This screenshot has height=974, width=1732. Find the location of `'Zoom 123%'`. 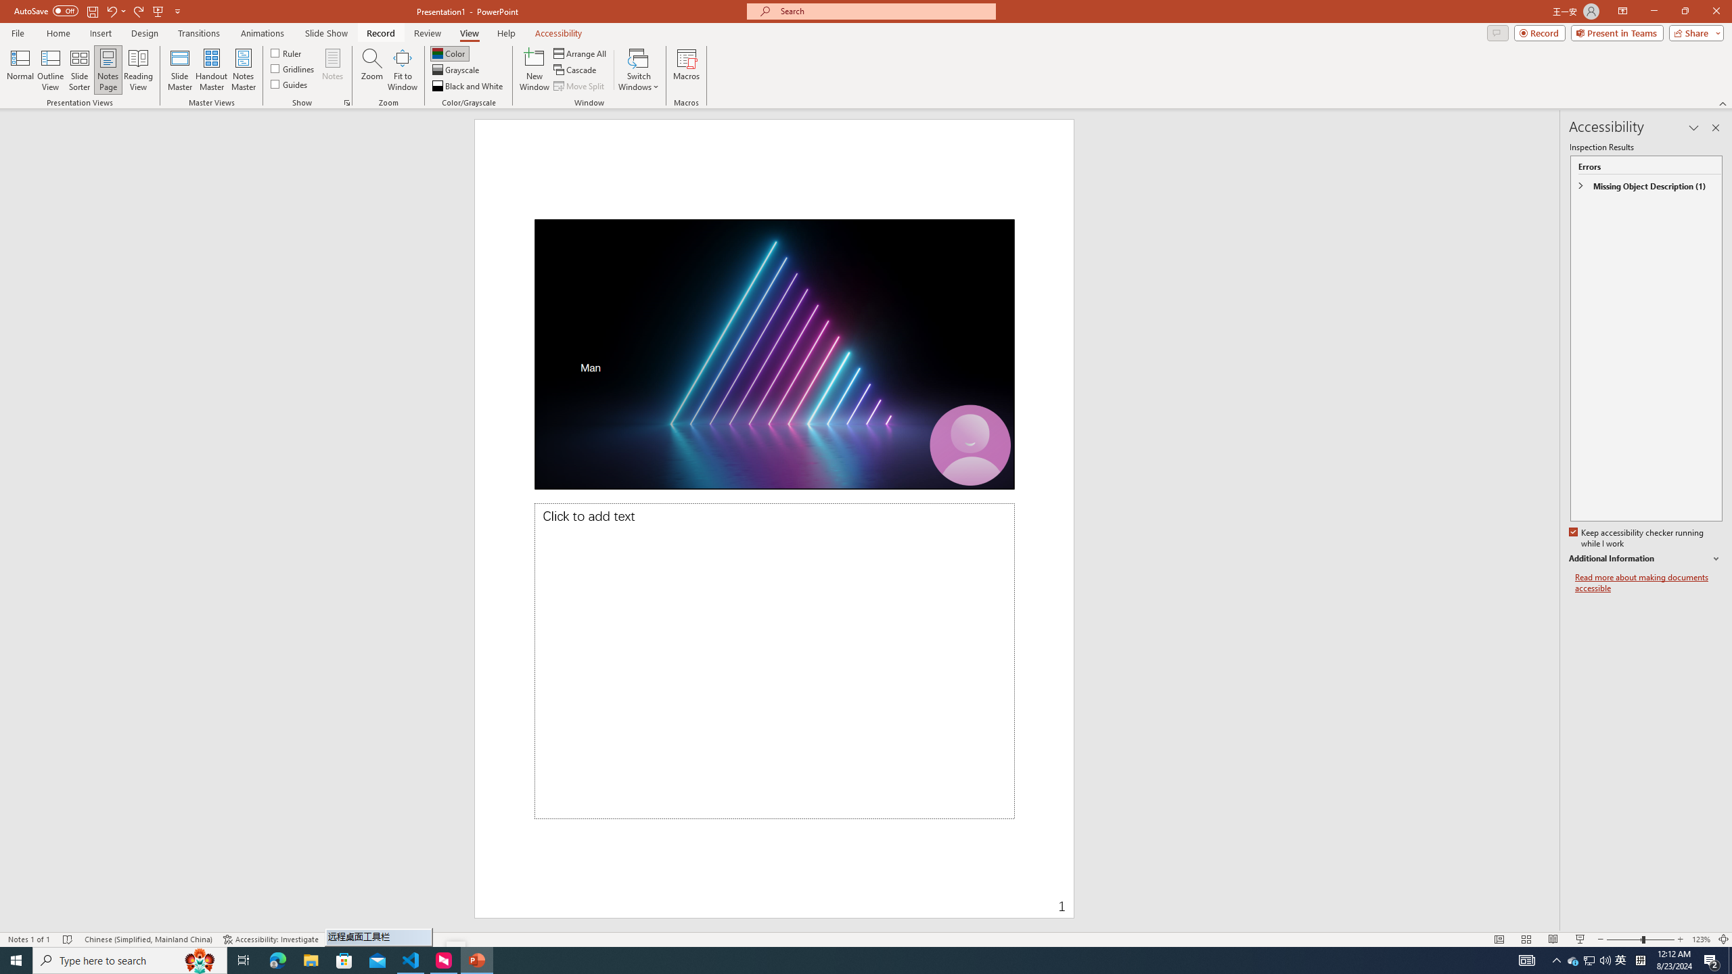

'Zoom 123%' is located at coordinates (1702, 940).